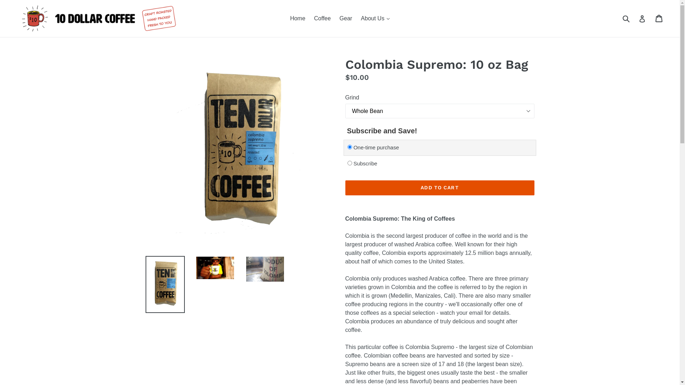 Image resolution: width=685 pixels, height=385 pixels. Describe the element at coordinates (620, 18) in the screenshot. I see `'Submit'` at that location.